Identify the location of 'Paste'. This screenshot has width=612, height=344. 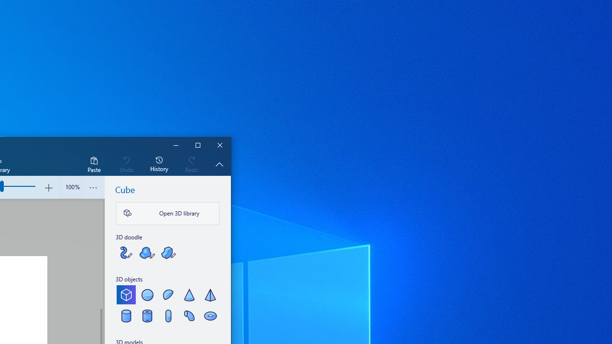
(94, 163).